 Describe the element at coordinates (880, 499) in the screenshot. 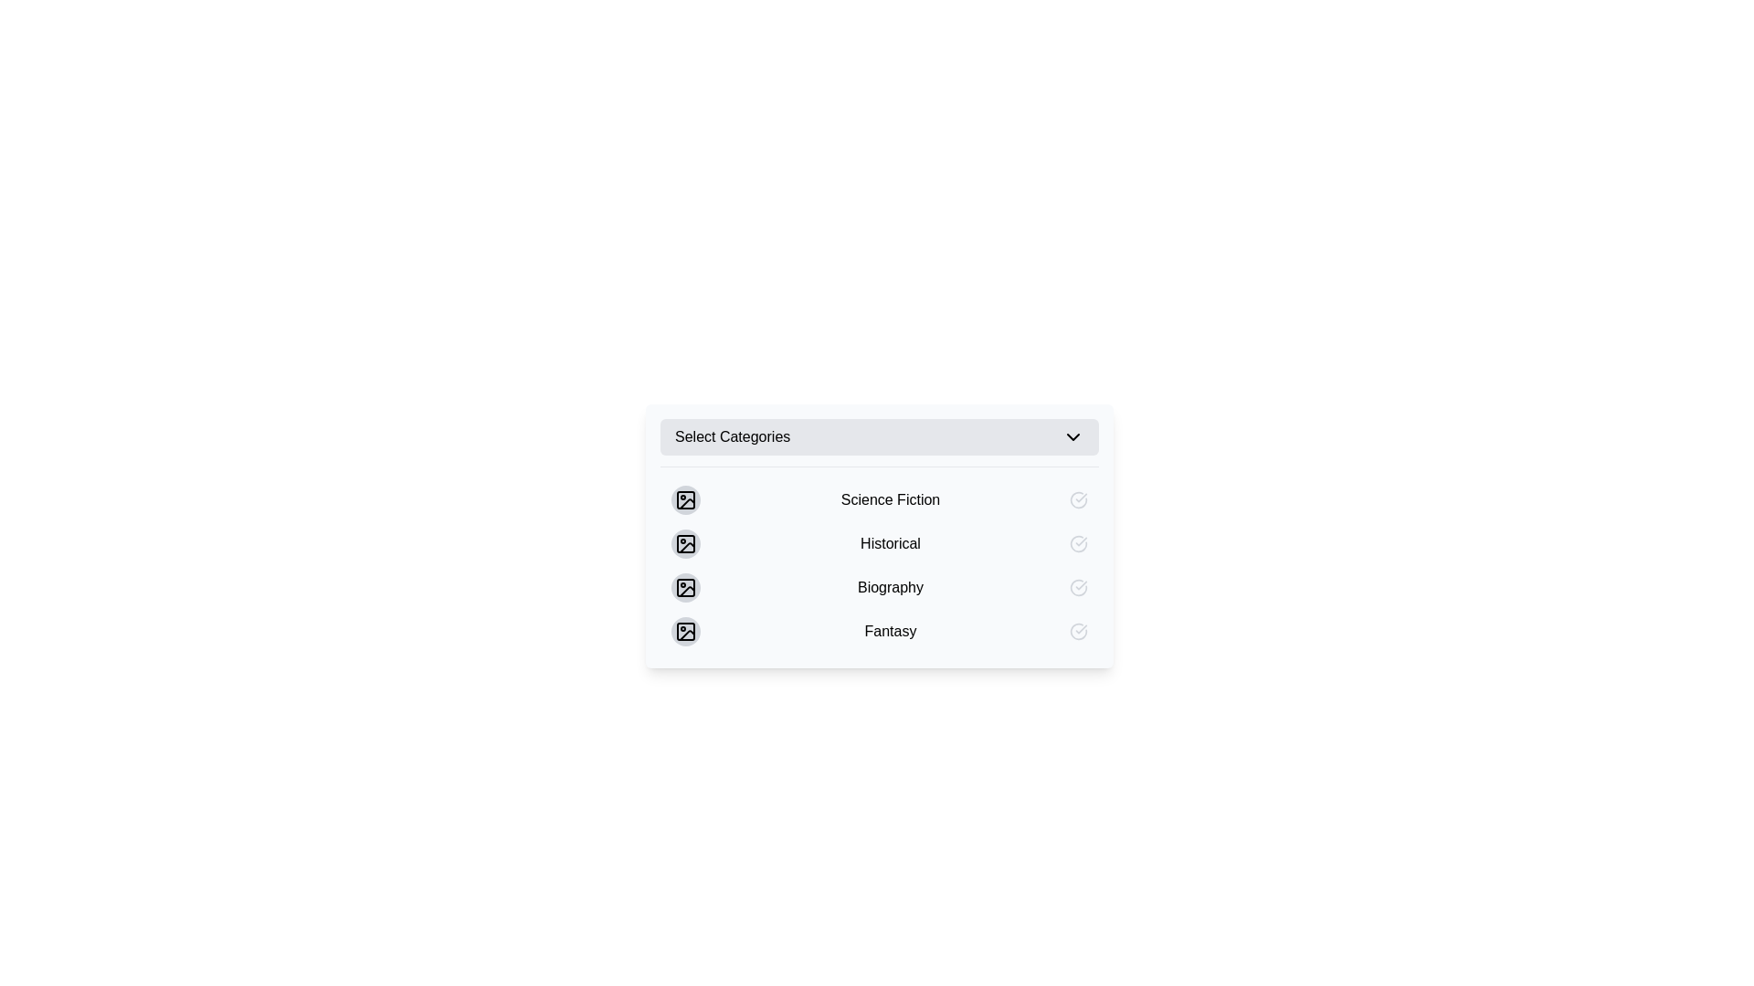

I see `the list item labeled 'Science Fiction' which is the first entry` at that location.